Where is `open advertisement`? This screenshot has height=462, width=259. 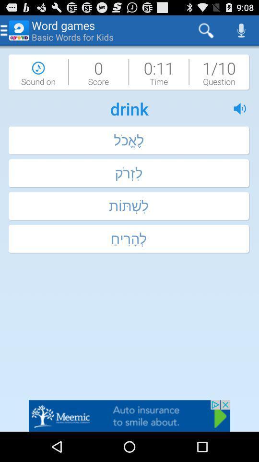 open advertisement is located at coordinates (129, 415).